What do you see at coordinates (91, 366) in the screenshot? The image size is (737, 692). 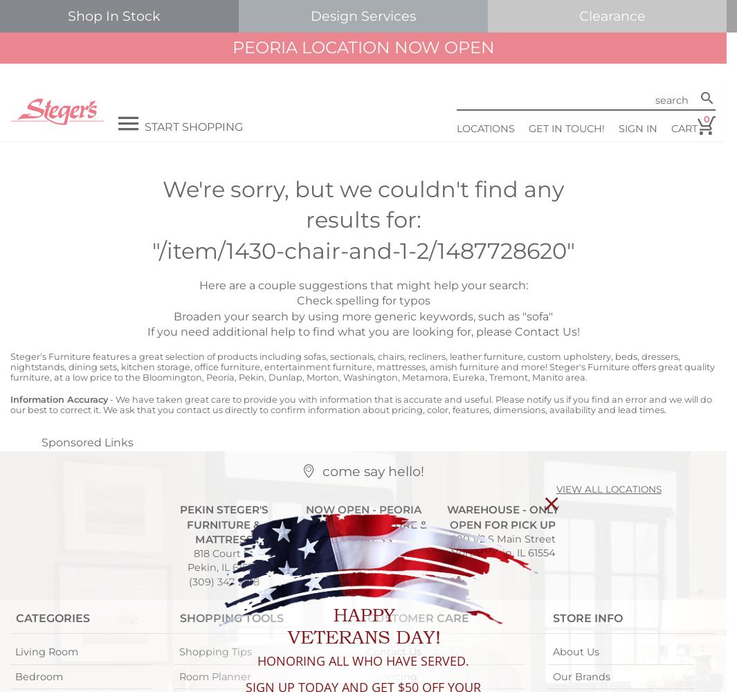 I see `'dining sets'` at bounding box center [91, 366].